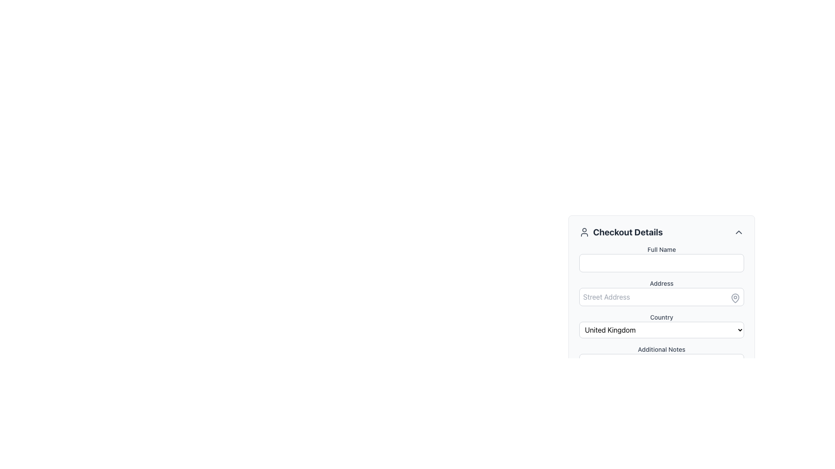 The width and height of the screenshot is (835, 469). I want to click on the Map Pin icon that visually represents the location functionality in the address input field, located adjacent to the 'Street Address' text input, so click(735, 297).